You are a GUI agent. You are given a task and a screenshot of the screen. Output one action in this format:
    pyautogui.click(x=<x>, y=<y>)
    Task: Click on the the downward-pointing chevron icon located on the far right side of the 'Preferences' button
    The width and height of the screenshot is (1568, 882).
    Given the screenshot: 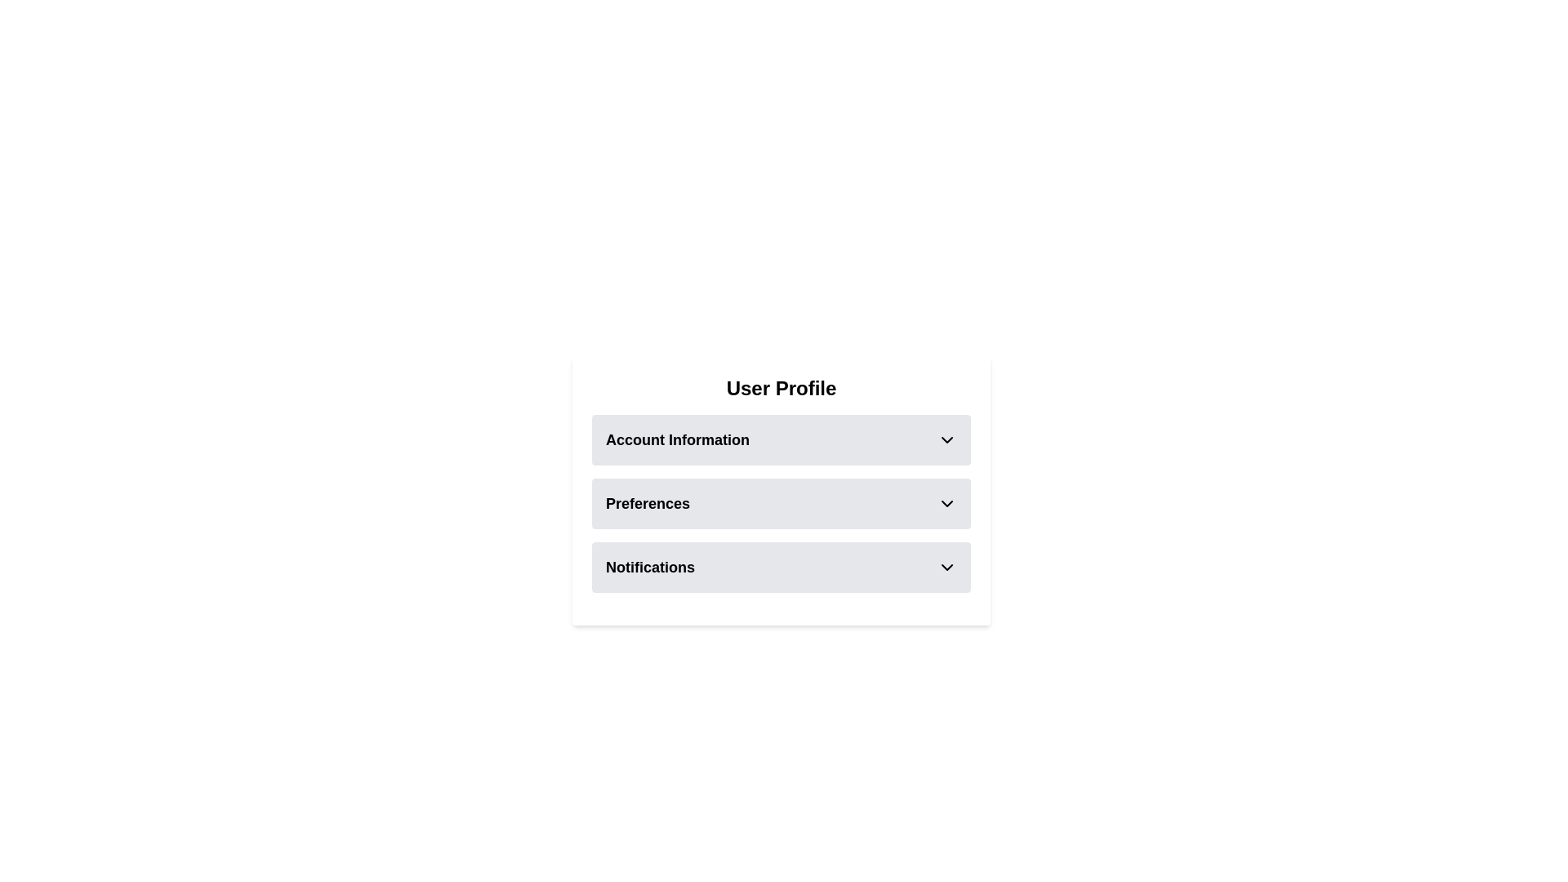 What is the action you would take?
    pyautogui.click(x=947, y=503)
    